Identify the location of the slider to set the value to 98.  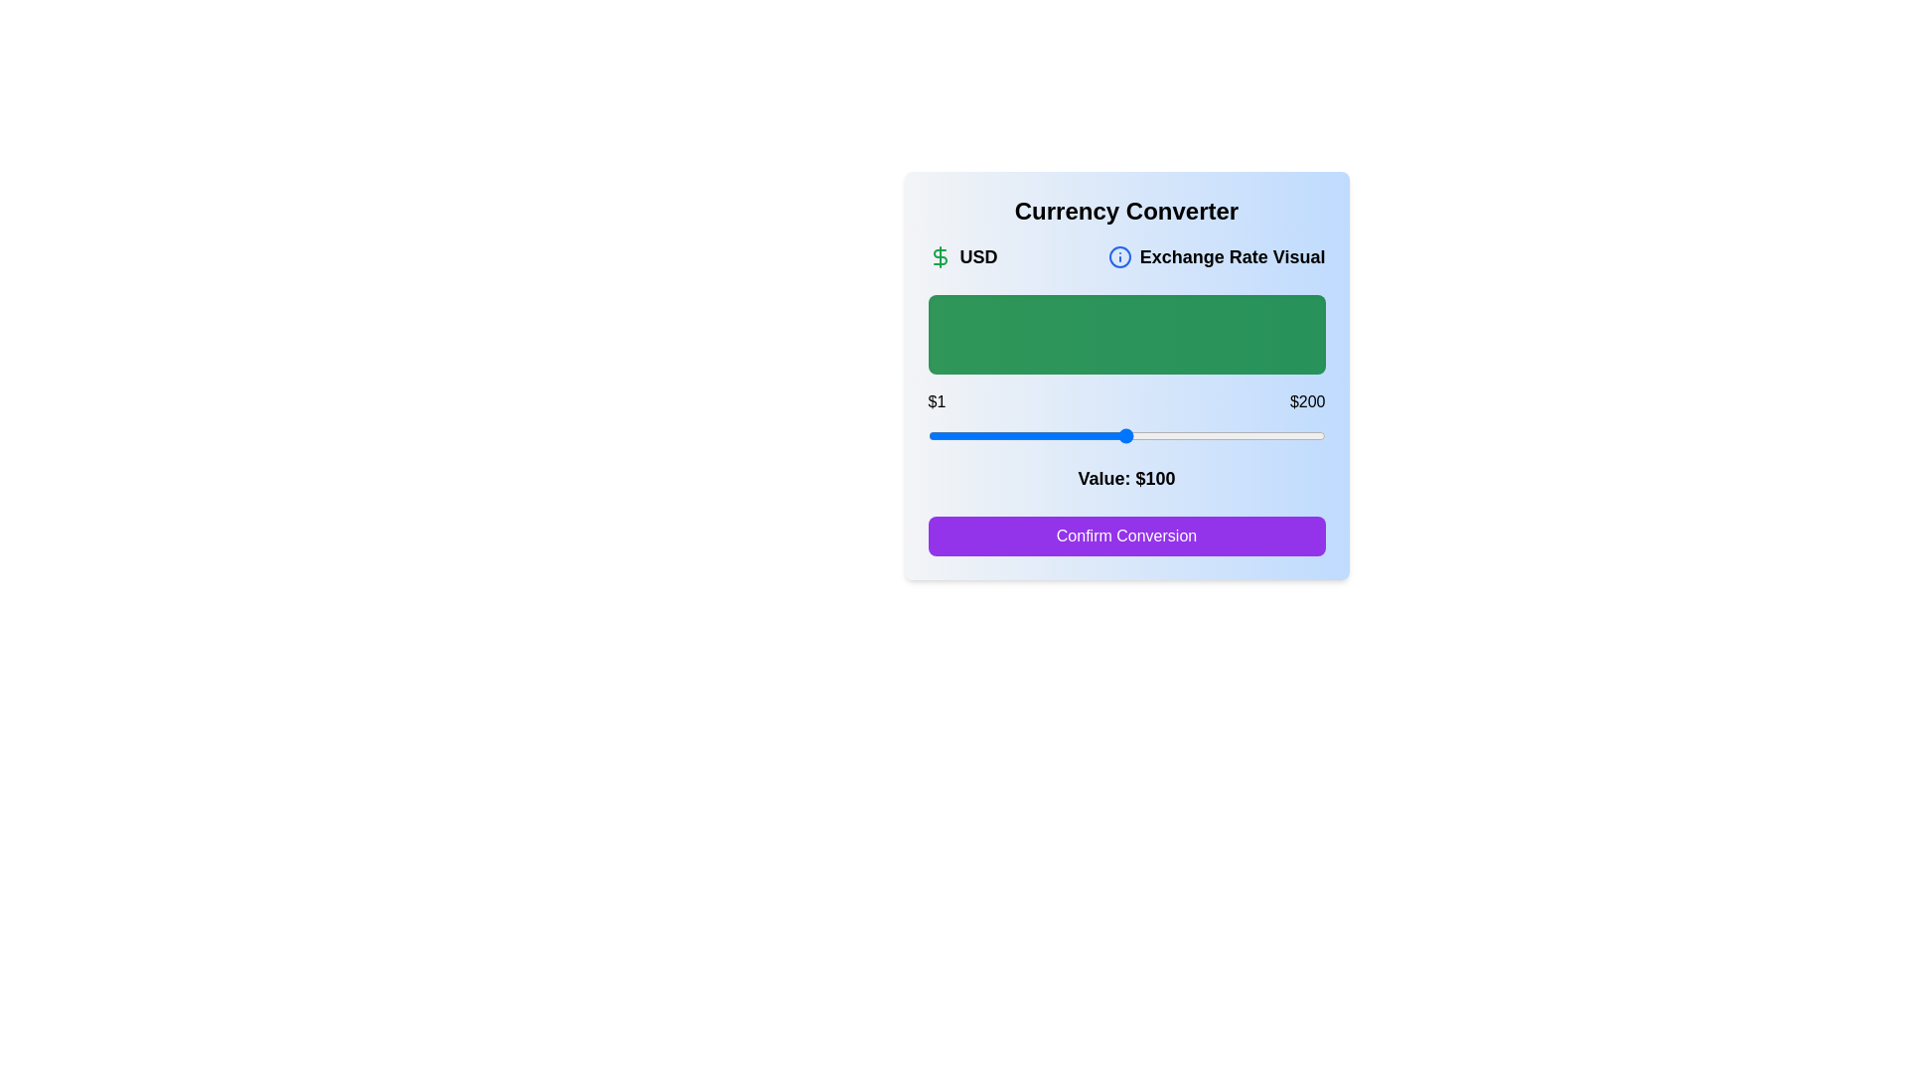
(1121, 435).